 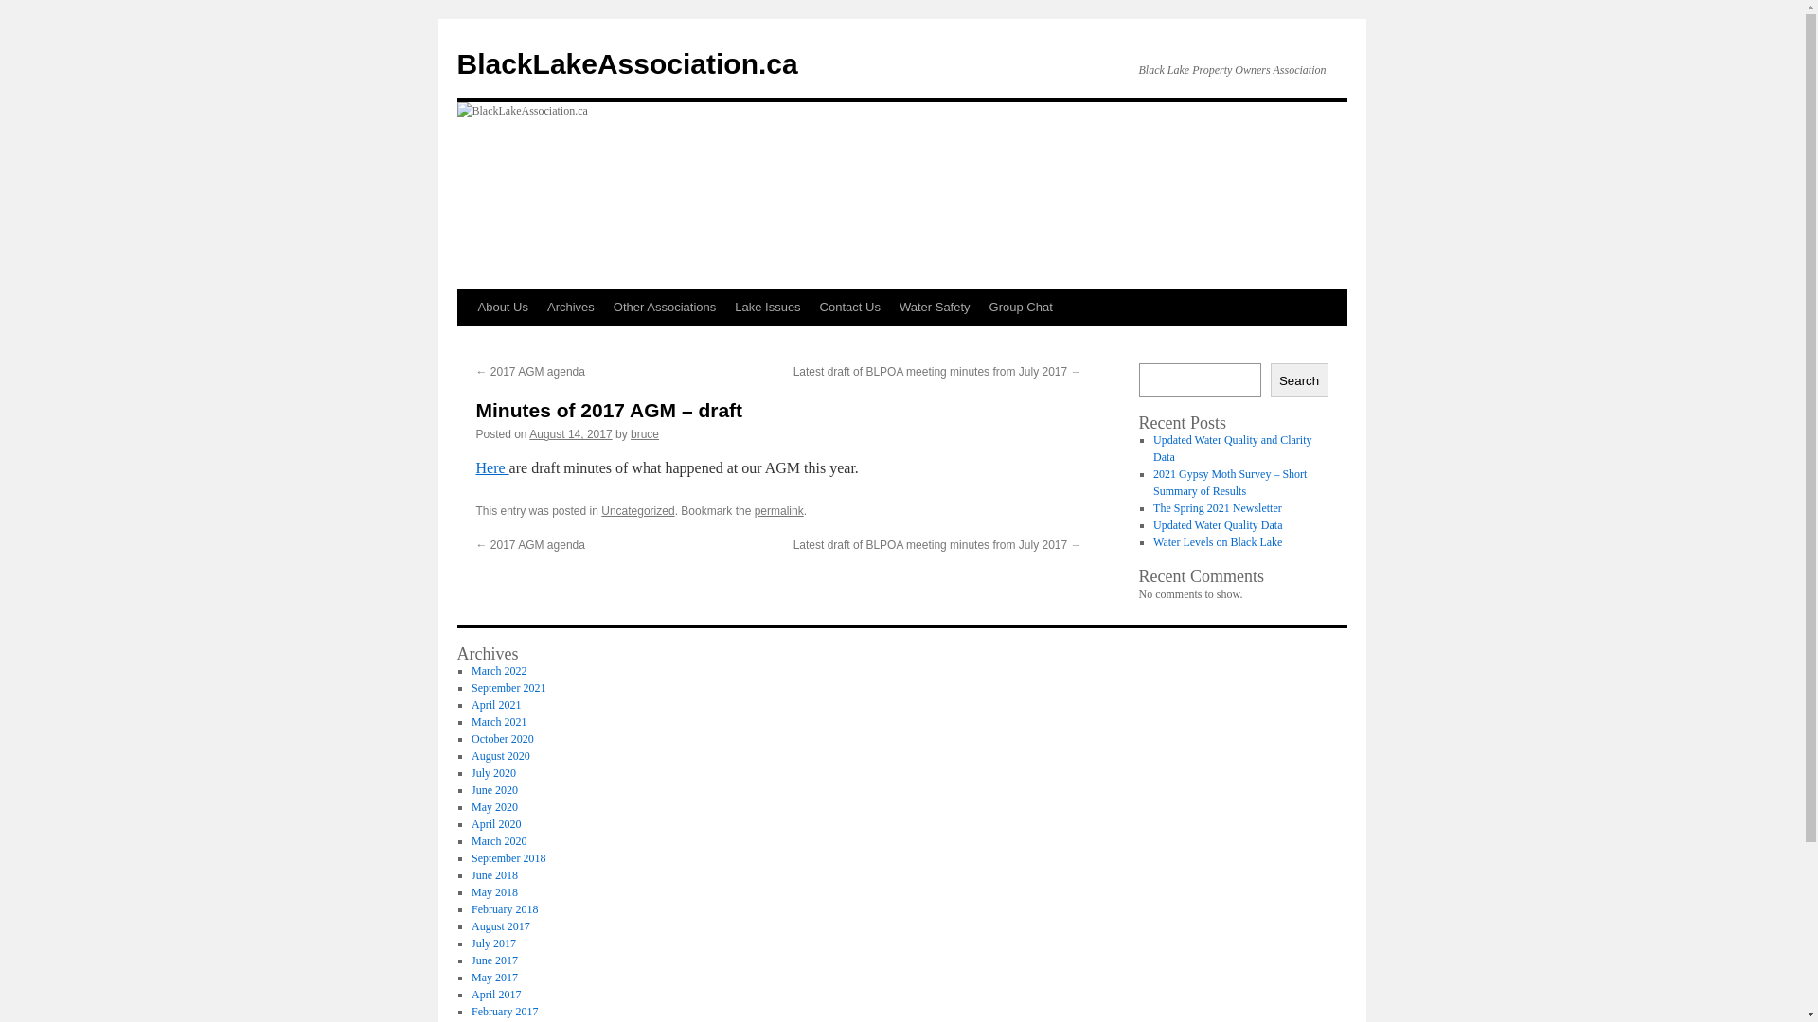 What do you see at coordinates (493, 943) in the screenshot?
I see `'July 2017'` at bounding box center [493, 943].